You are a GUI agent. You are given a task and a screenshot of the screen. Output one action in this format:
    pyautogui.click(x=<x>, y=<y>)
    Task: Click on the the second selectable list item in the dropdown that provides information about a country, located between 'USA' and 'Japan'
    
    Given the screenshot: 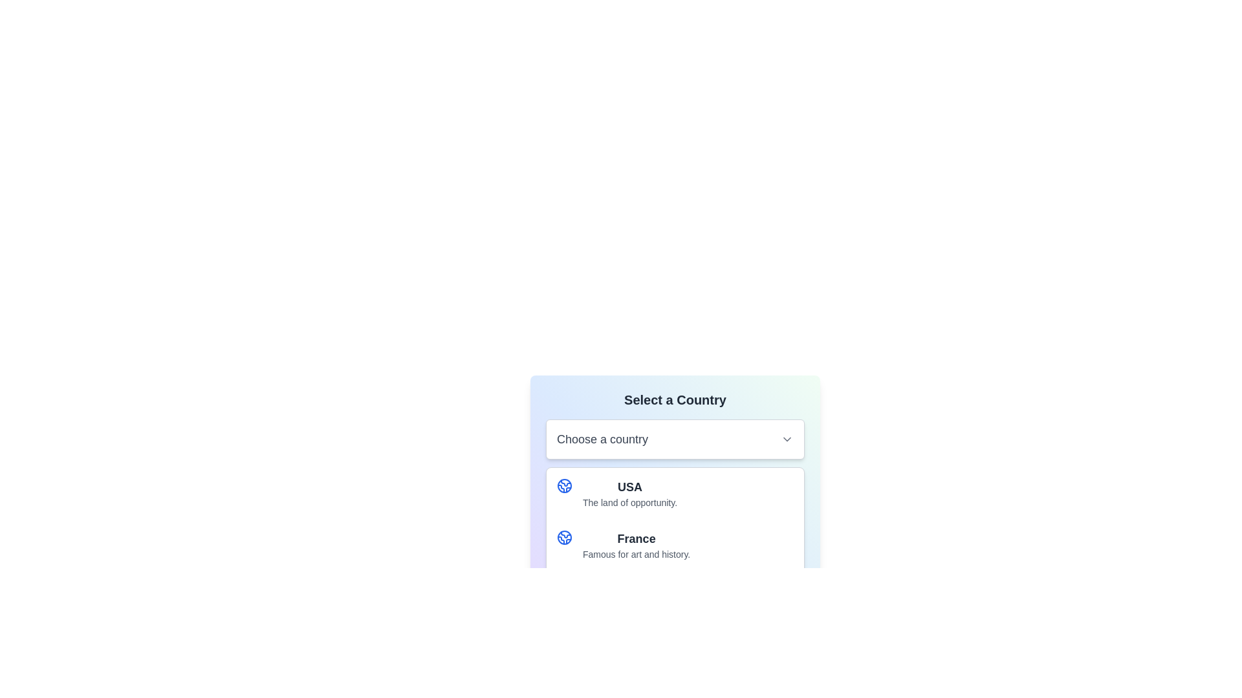 What is the action you would take?
    pyautogui.click(x=674, y=545)
    